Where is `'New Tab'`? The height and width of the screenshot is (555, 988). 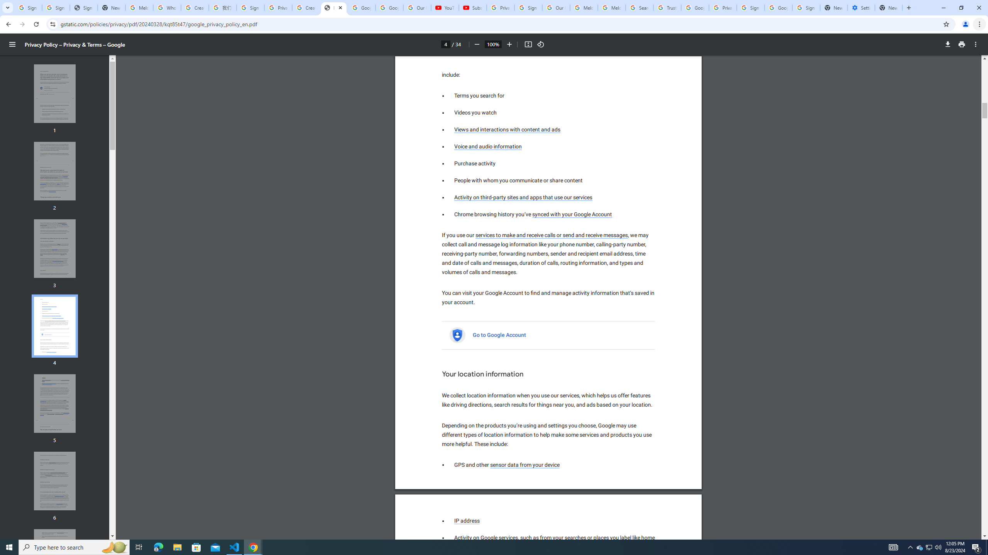 'New Tab' is located at coordinates (888, 7).